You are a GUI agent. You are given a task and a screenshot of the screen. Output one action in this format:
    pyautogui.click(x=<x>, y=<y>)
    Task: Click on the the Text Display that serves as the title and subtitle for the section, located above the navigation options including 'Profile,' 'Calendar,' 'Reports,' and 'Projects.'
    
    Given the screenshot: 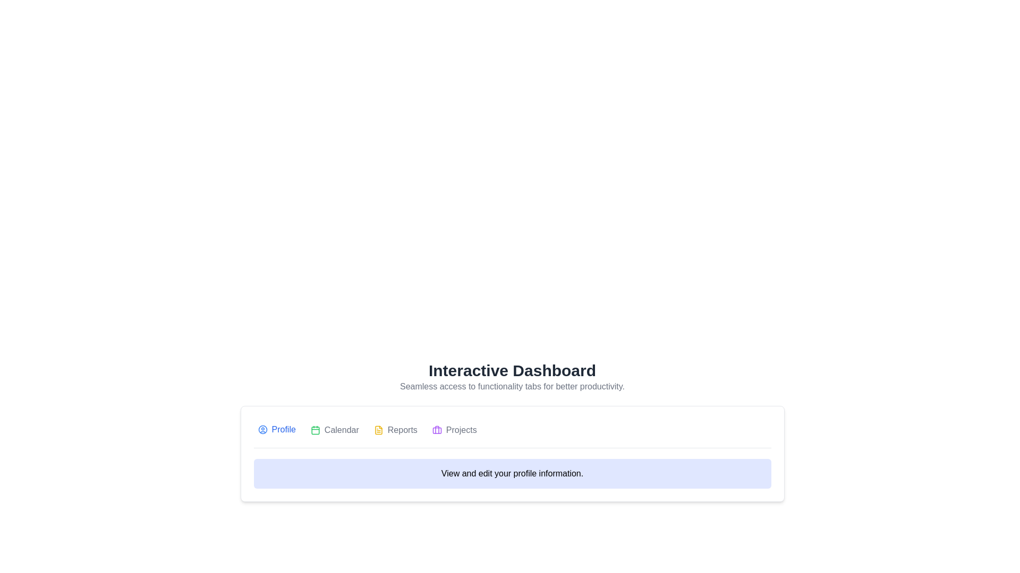 What is the action you would take?
    pyautogui.click(x=512, y=383)
    